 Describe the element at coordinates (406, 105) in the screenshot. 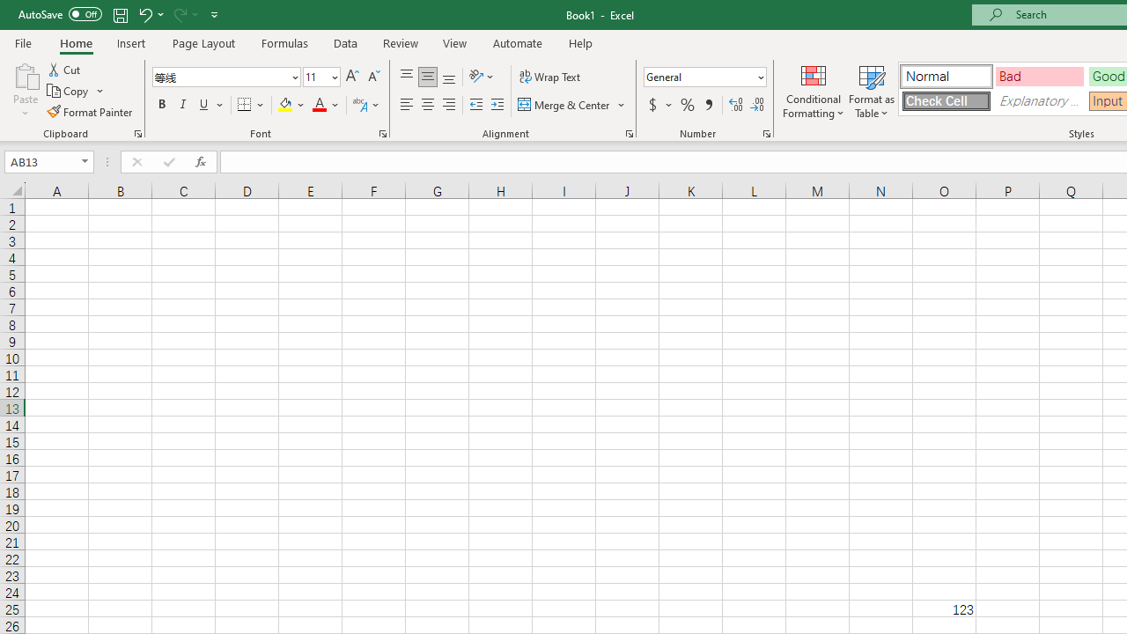

I see `'Align Left'` at that location.